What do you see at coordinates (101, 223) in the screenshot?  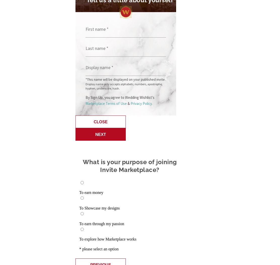 I see `'To earn through my passion'` at bounding box center [101, 223].